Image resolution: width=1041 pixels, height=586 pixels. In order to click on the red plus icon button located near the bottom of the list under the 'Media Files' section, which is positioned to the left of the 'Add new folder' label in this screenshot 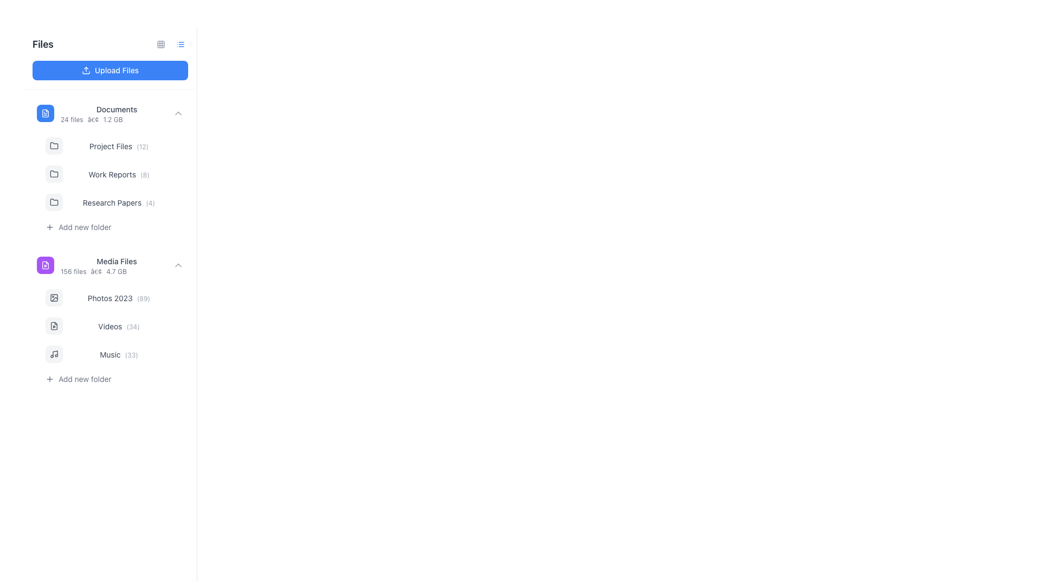, I will do `click(49, 378)`.